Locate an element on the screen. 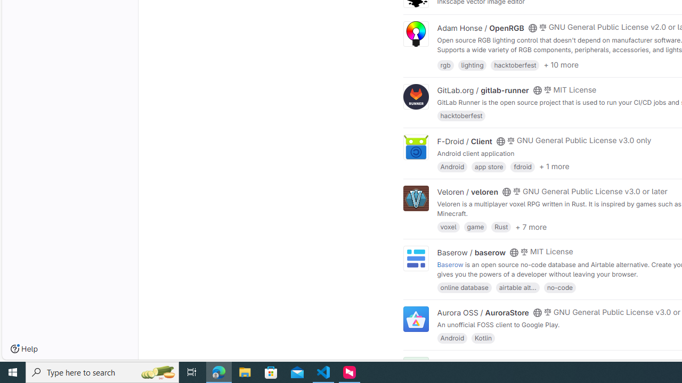 The image size is (682, 383). 'Veloren / veloren' is located at coordinates (468, 192).